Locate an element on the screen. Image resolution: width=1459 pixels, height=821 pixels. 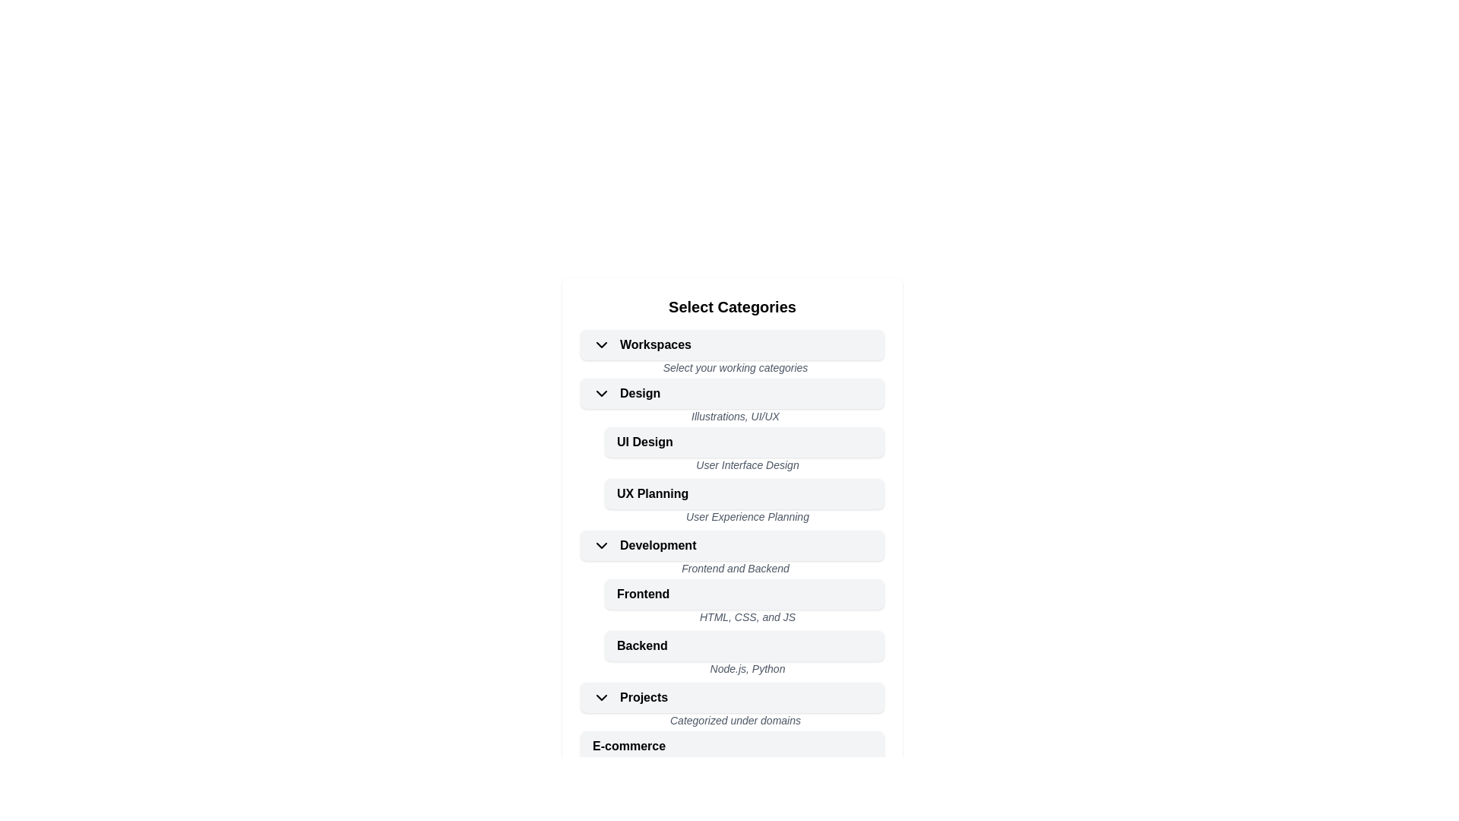
the 'Backend' text label within the interactive card in the 'Development' section is located at coordinates (642, 645).